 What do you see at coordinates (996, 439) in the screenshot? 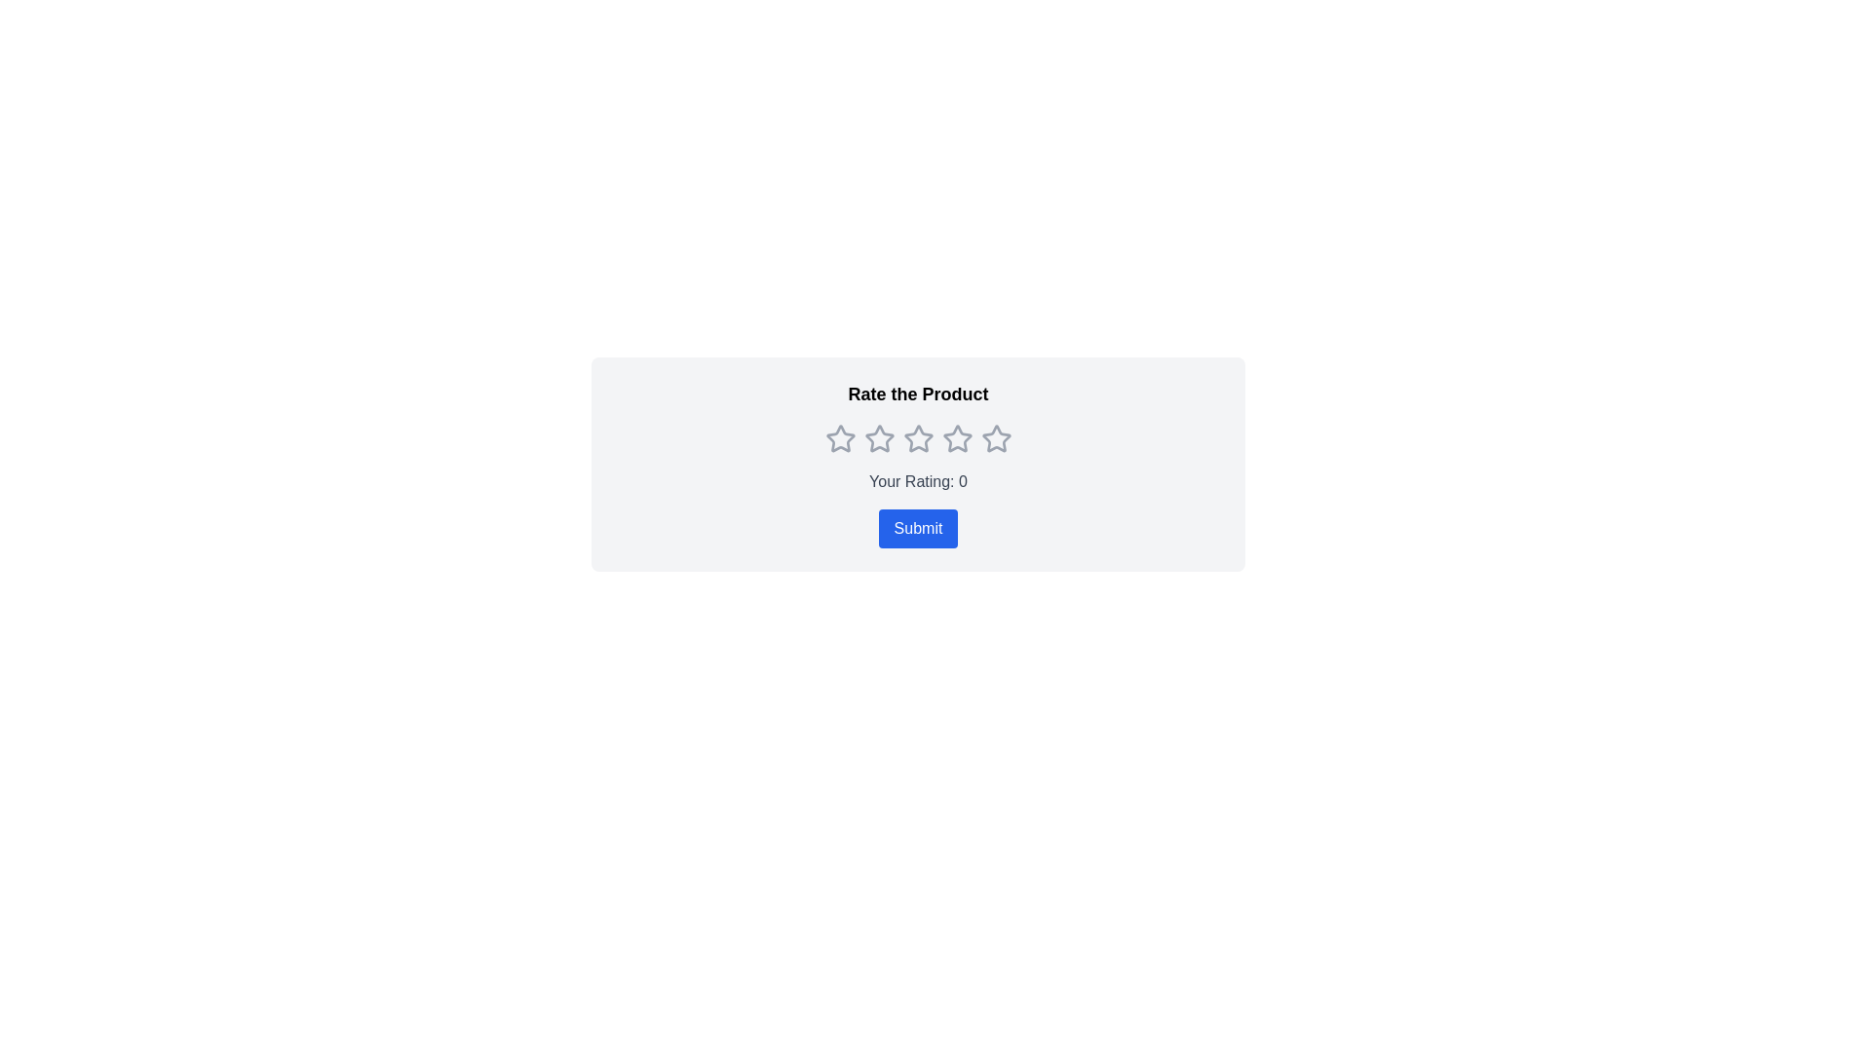
I see `the fifth star icon in the rating component` at bounding box center [996, 439].